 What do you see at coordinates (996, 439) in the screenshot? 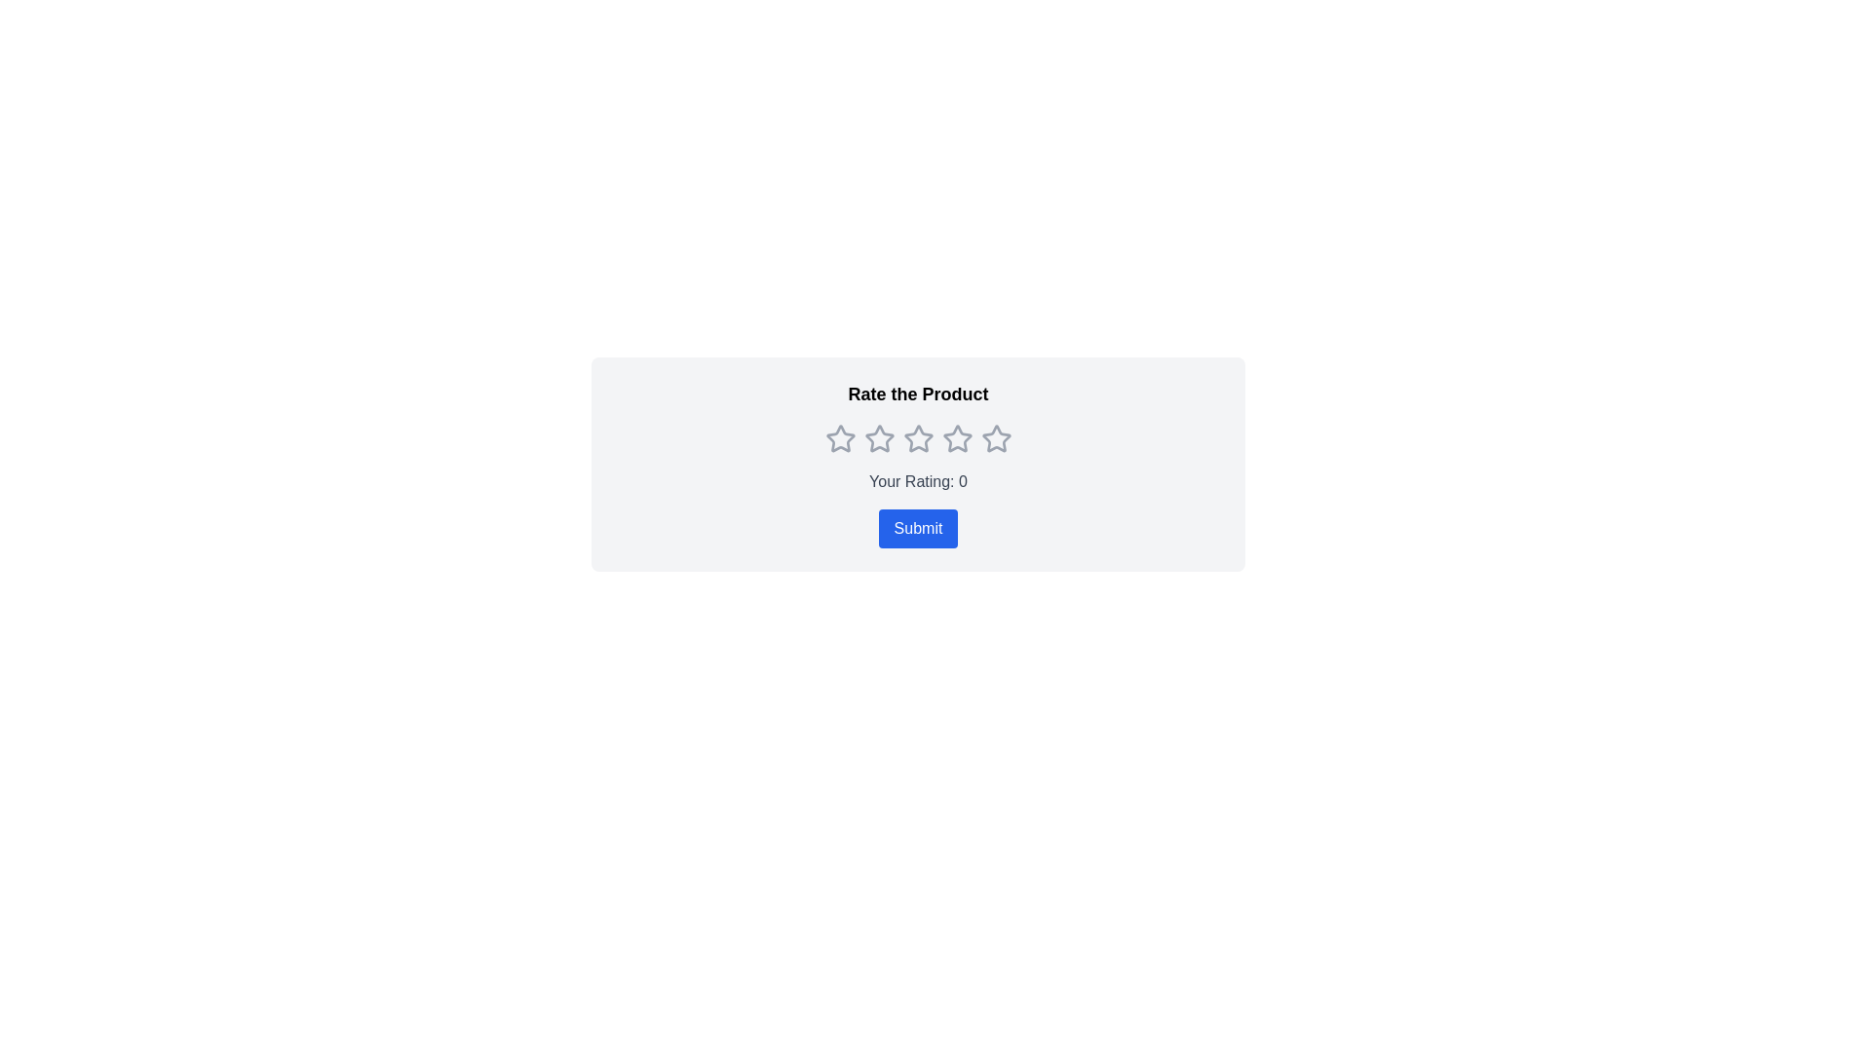
I see `the fifth star icon in the rating component` at bounding box center [996, 439].